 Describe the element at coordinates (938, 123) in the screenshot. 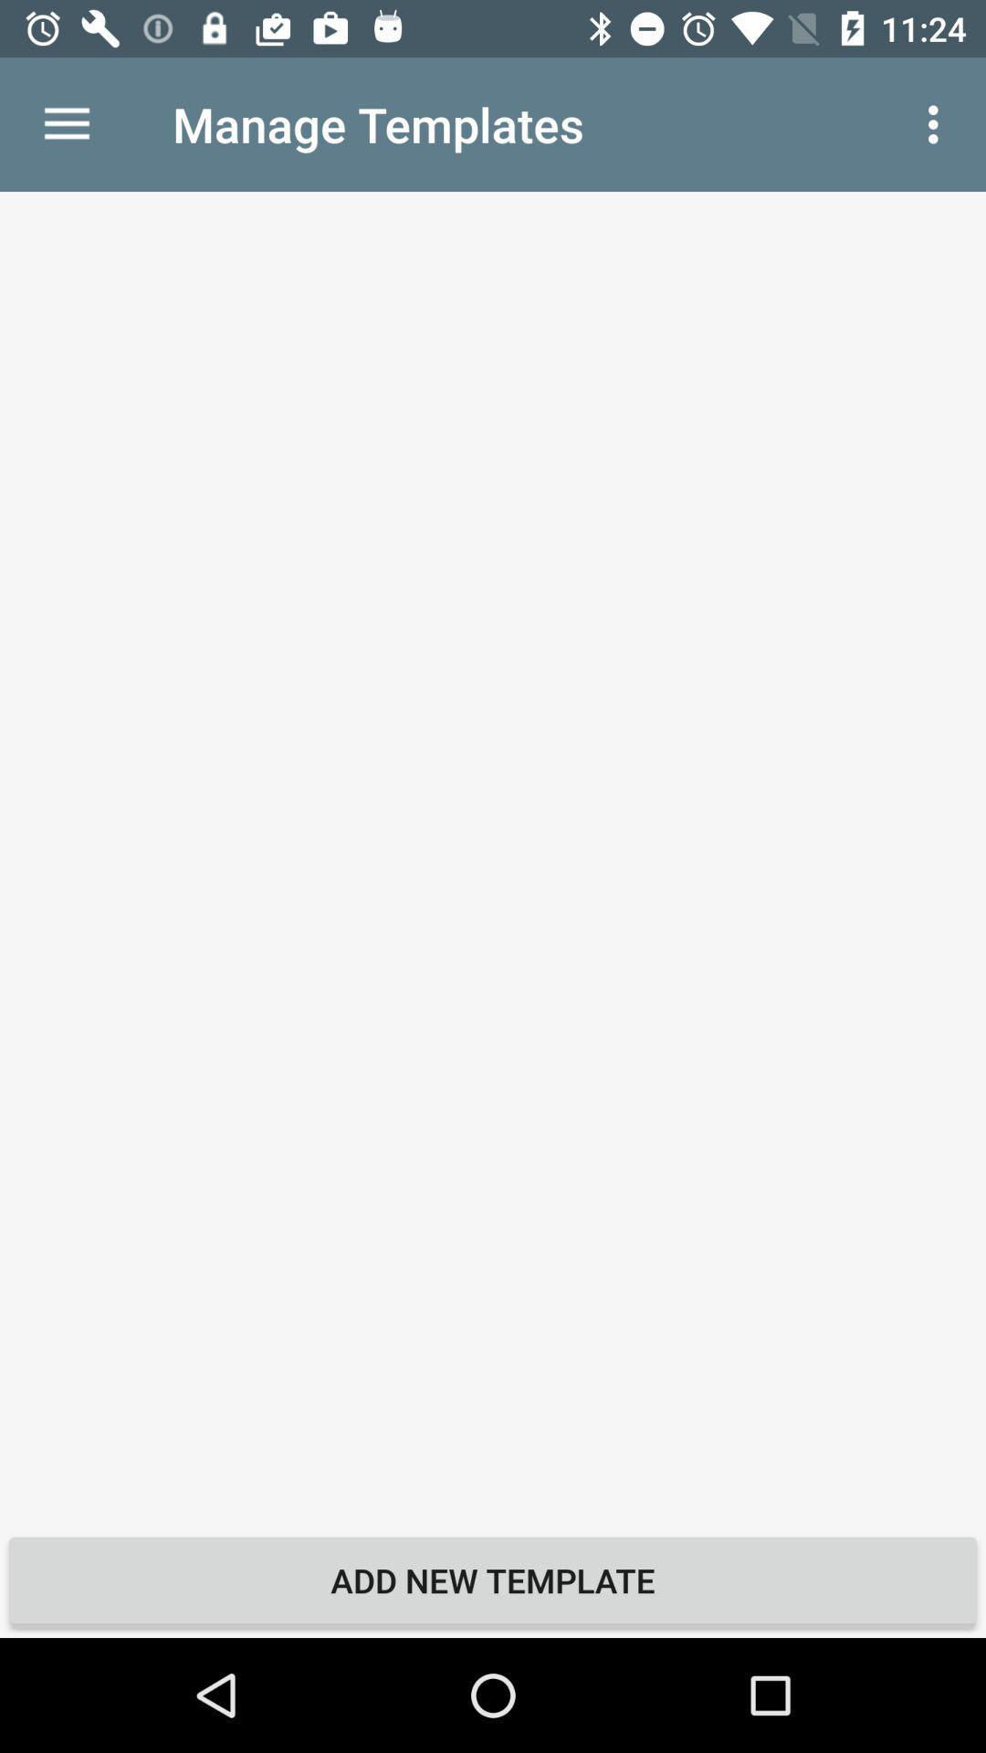

I see `icon to the right of manage templates` at that location.